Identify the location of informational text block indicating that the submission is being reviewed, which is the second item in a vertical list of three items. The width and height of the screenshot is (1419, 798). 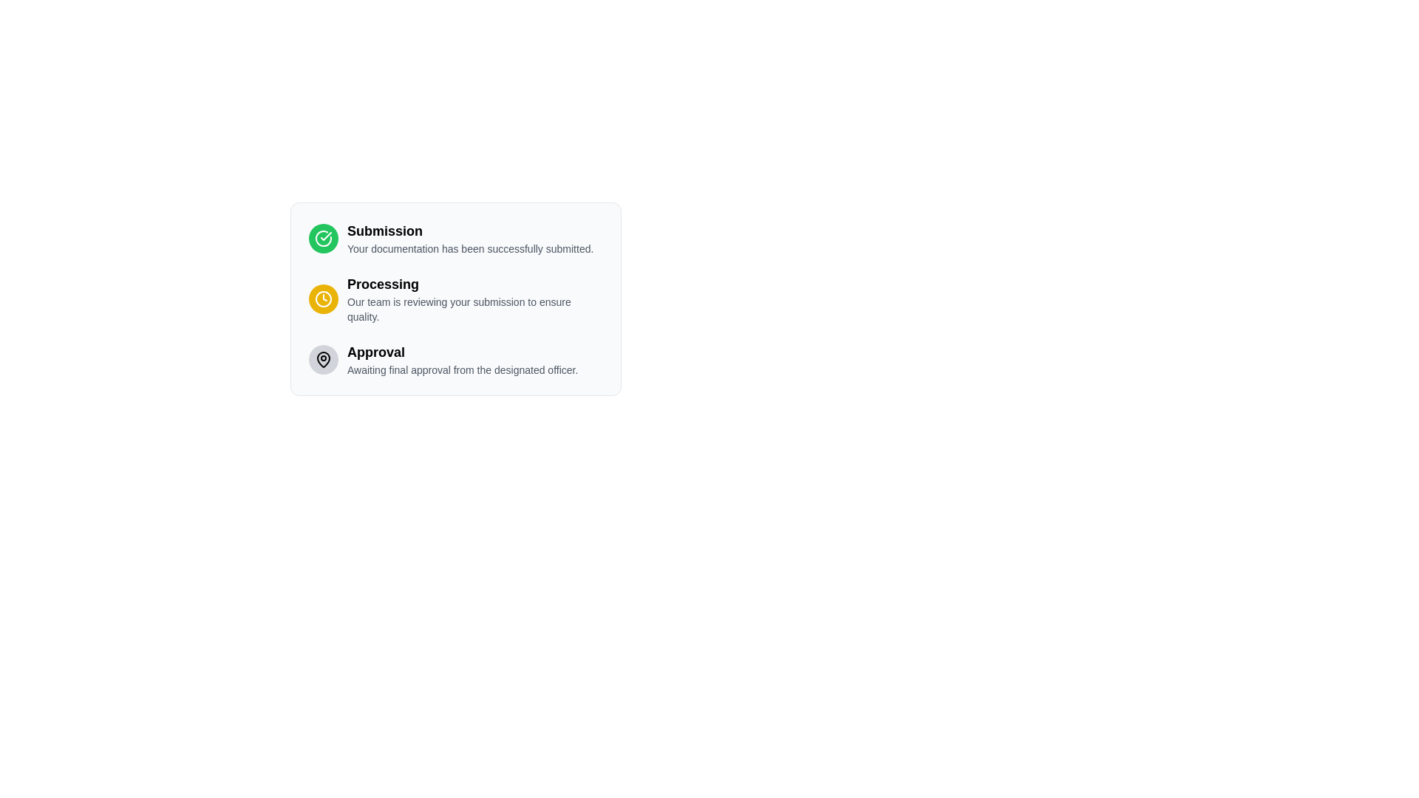
(475, 299).